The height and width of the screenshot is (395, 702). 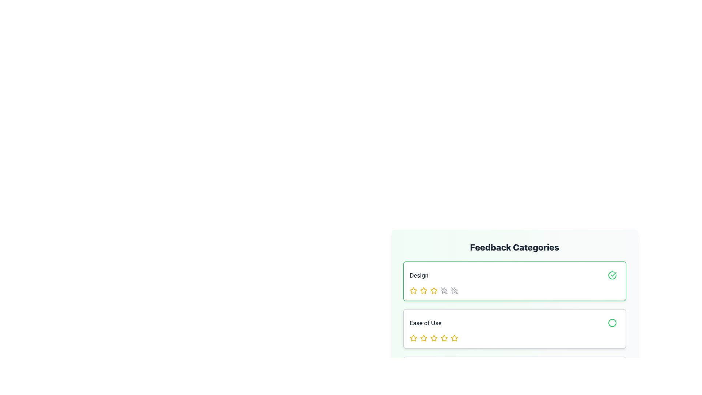 What do you see at coordinates (434, 338) in the screenshot?
I see `the third interactive star icon in the 'Ease of Use' feedback section` at bounding box center [434, 338].